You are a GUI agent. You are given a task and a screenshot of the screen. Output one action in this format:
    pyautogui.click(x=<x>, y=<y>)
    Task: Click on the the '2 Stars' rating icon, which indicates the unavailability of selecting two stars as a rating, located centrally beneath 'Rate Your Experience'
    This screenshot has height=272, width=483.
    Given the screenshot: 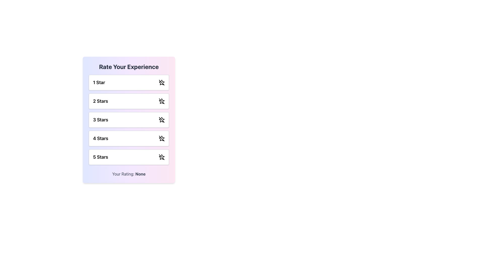 What is the action you would take?
    pyautogui.click(x=162, y=101)
    